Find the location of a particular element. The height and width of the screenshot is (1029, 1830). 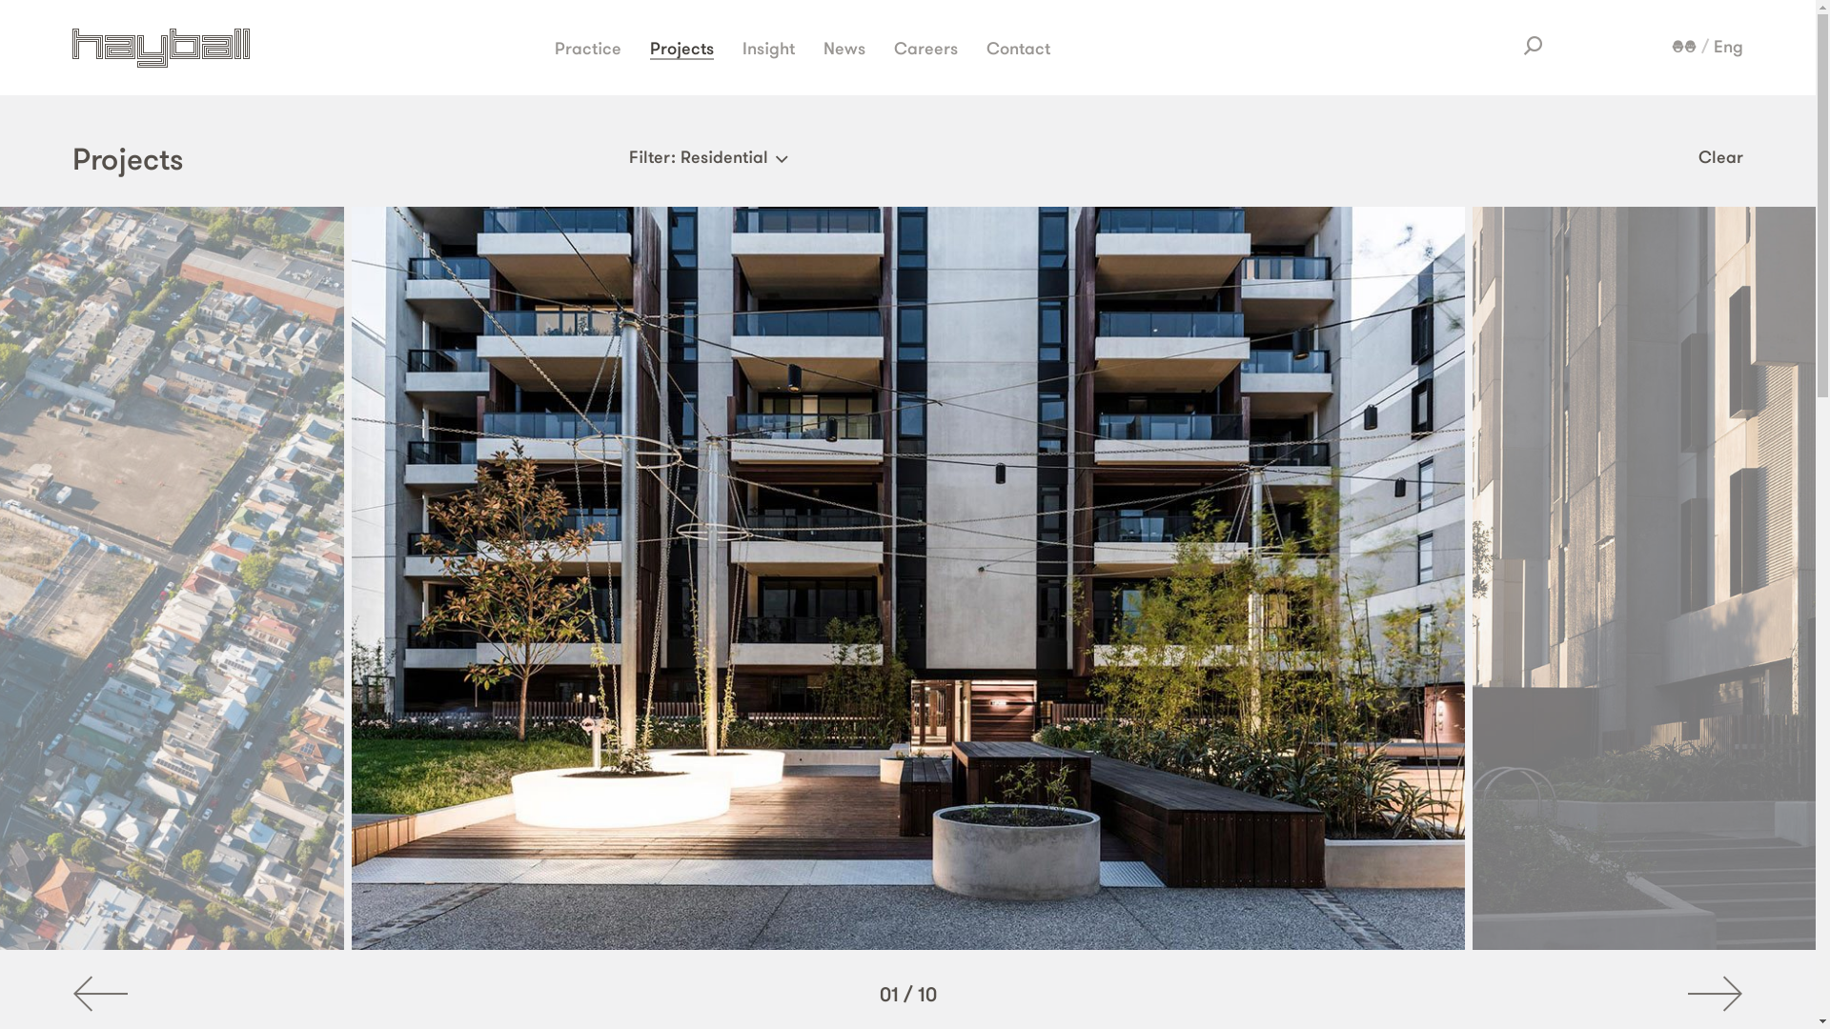

'News' is located at coordinates (844, 46).